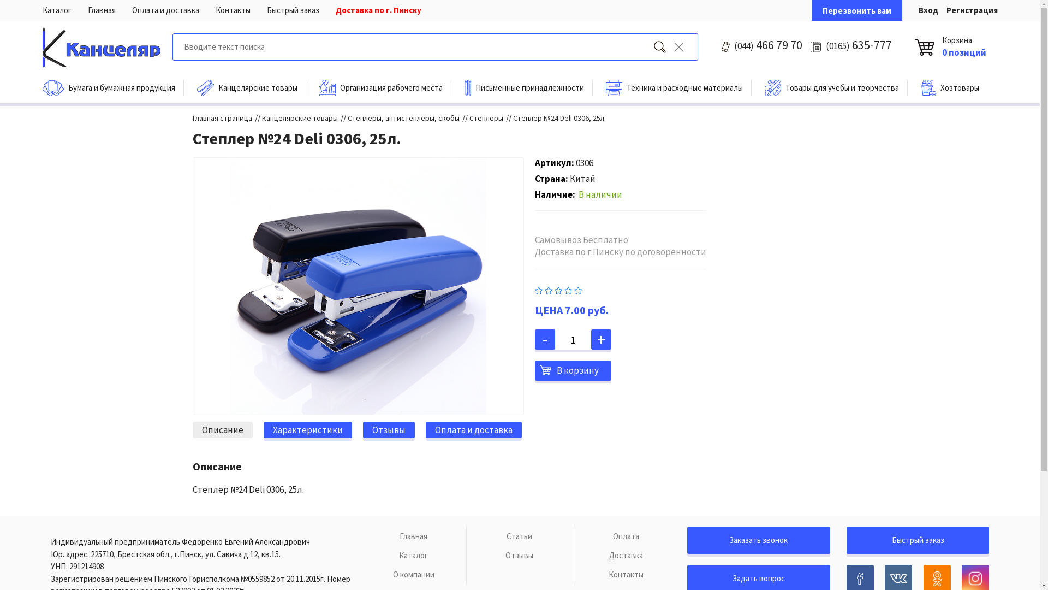  What do you see at coordinates (767, 44) in the screenshot?
I see `'(044) 466 79 70'` at bounding box center [767, 44].